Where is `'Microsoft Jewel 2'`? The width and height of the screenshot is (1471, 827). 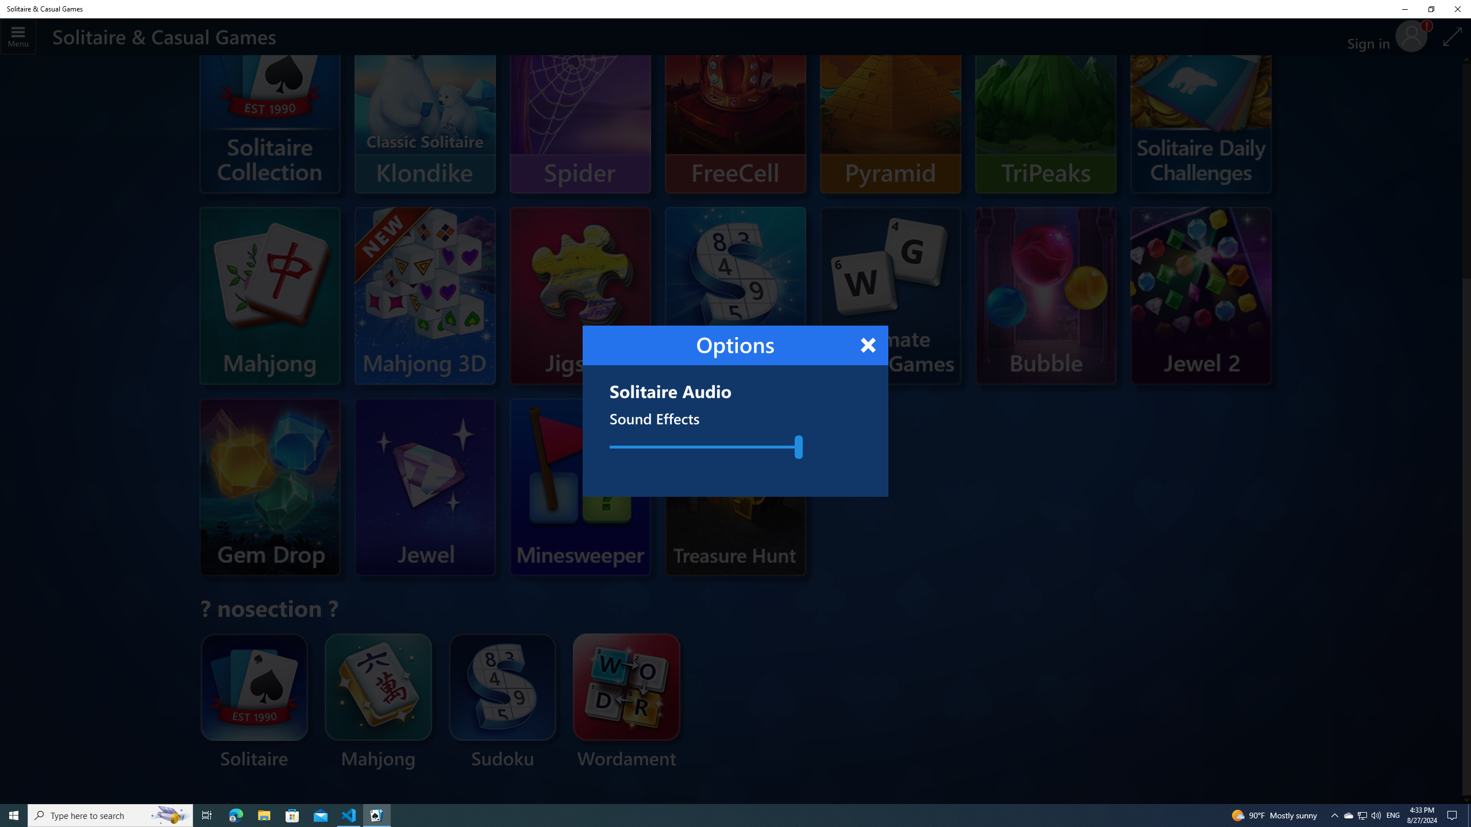
'Microsoft Jewel 2' is located at coordinates (1199, 295).